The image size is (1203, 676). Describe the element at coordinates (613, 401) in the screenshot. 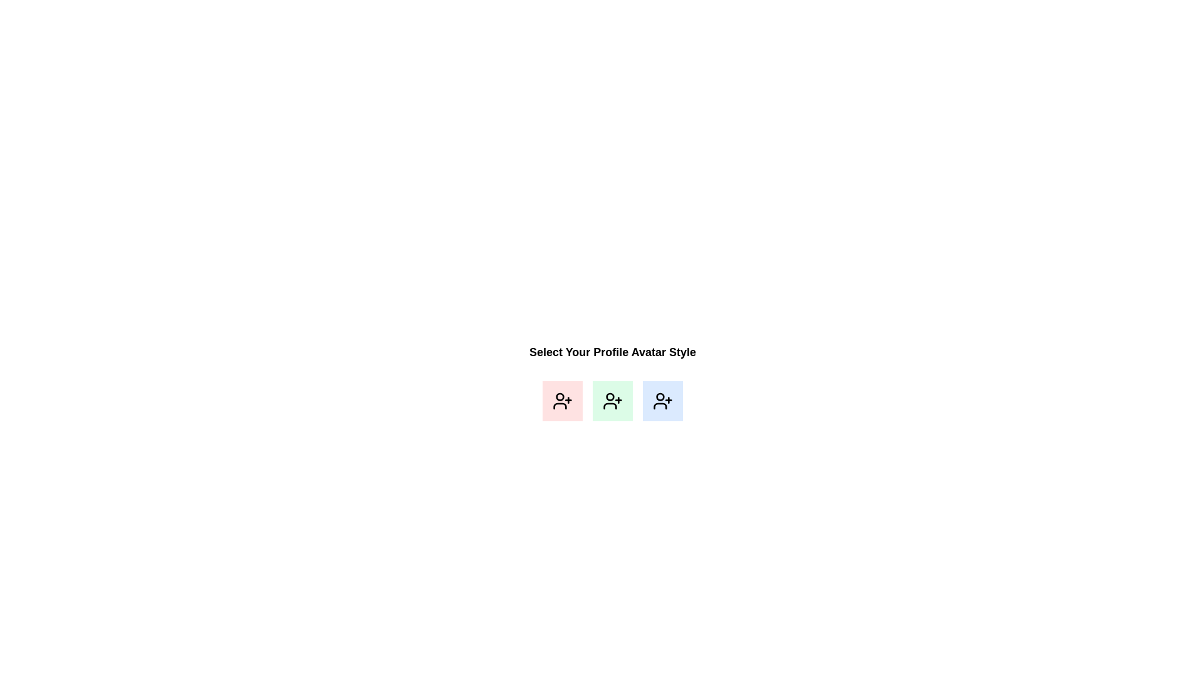

I see `the light green square button containing a user silhouette icon with a plus sign, which is the second item in the horizontal grid under 'Select Your Profile Avatar Style'` at that location.